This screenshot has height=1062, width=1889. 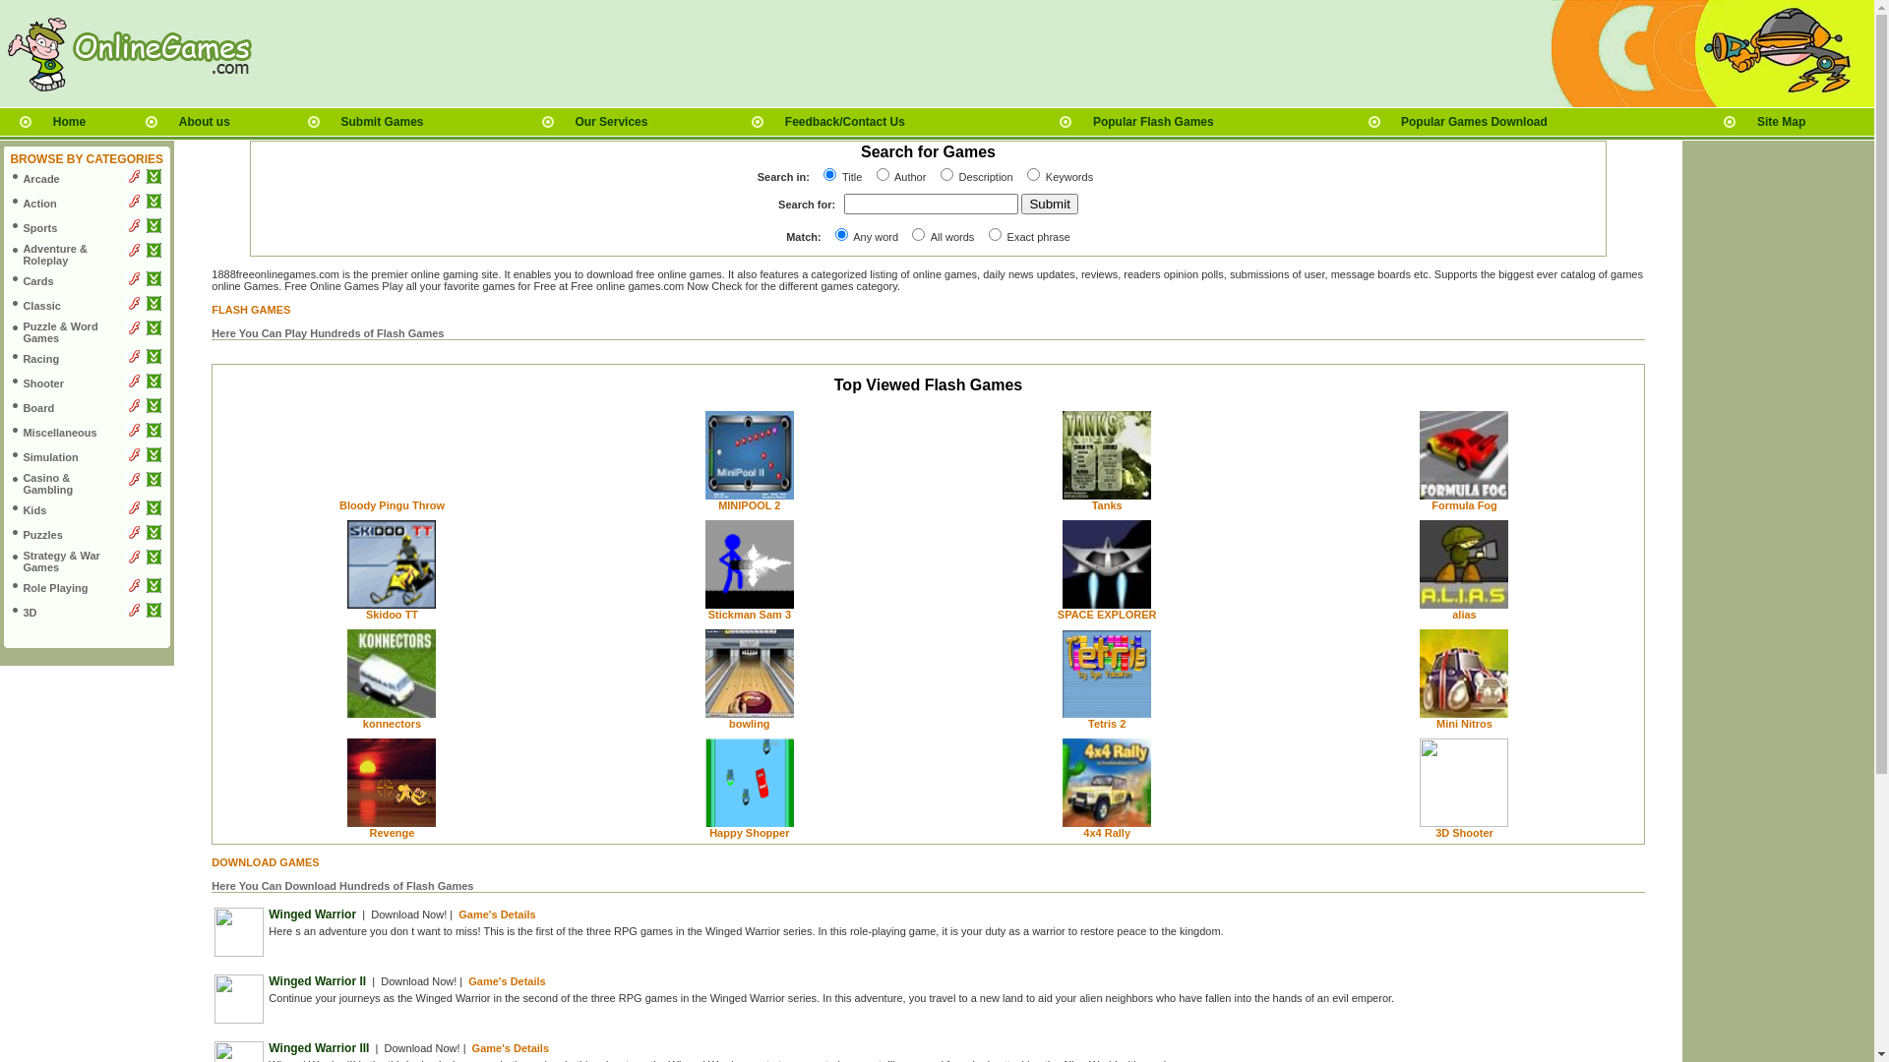 I want to click on 'Bloody Pingu Throw', so click(x=392, y=503).